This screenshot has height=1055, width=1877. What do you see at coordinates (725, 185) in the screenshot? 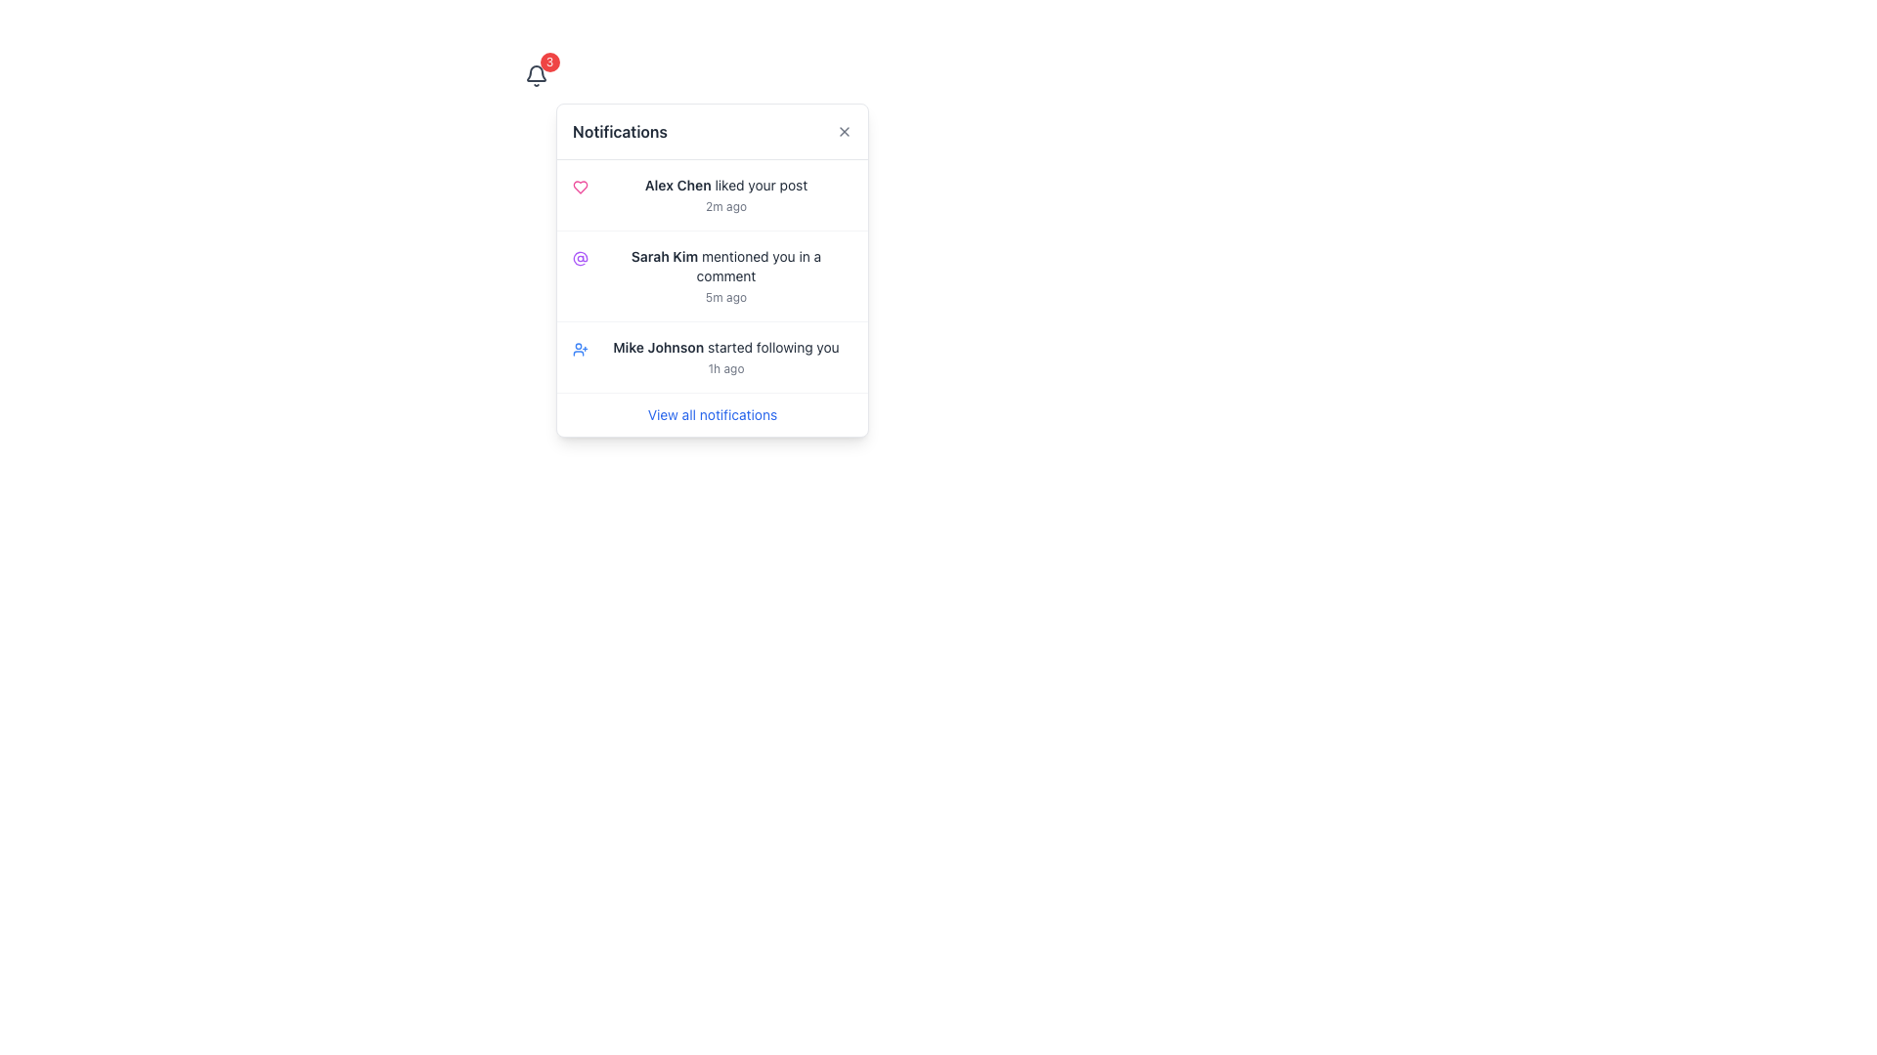
I see `keyboard navigation` at bounding box center [725, 185].